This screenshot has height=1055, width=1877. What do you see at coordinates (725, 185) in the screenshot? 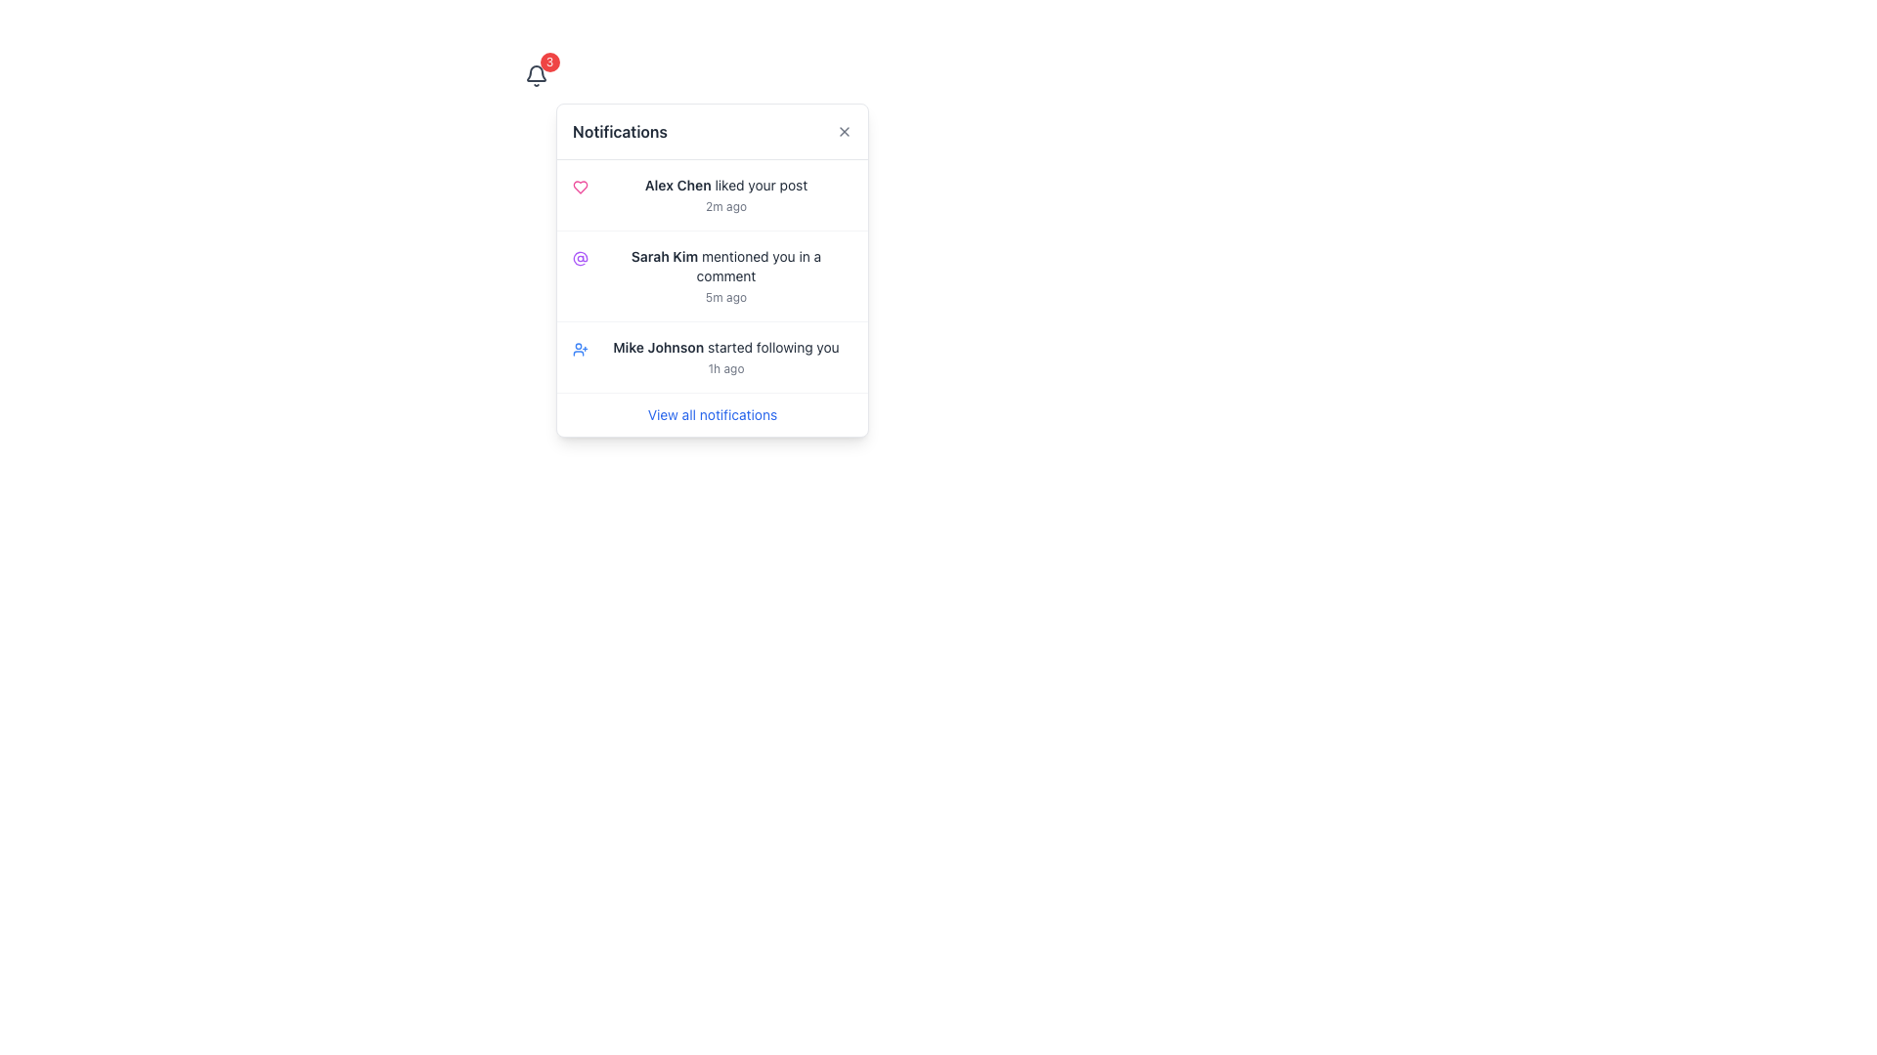
I see `keyboard navigation` at bounding box center [725, 185].